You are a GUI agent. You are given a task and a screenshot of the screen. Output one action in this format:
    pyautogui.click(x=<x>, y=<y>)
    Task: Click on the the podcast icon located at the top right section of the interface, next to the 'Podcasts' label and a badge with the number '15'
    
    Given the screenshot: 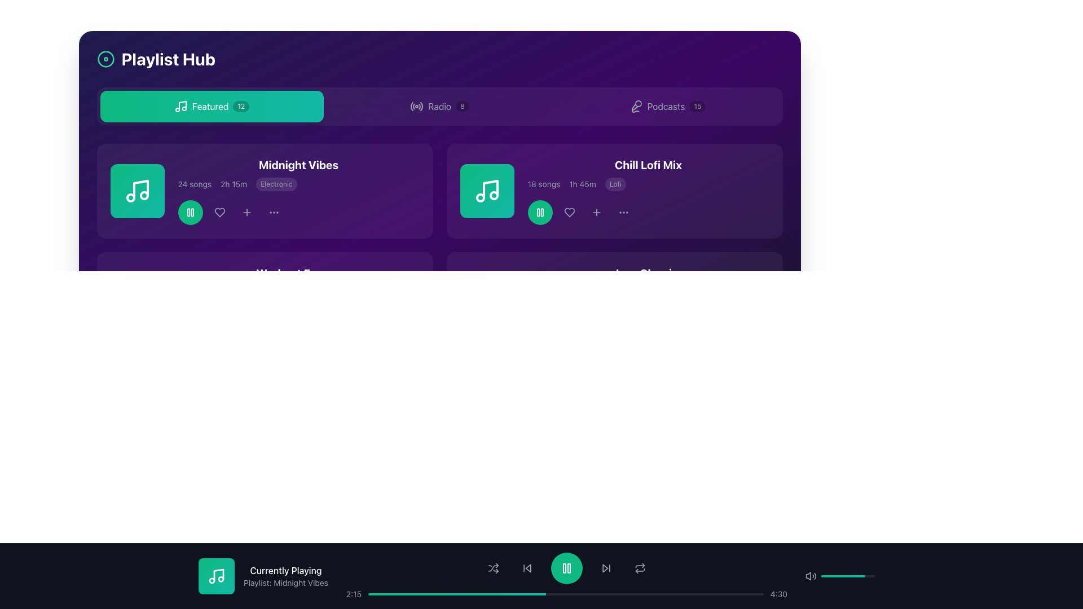 What is the action you would take?
    pyautogui.click(x=636, y=107)
    